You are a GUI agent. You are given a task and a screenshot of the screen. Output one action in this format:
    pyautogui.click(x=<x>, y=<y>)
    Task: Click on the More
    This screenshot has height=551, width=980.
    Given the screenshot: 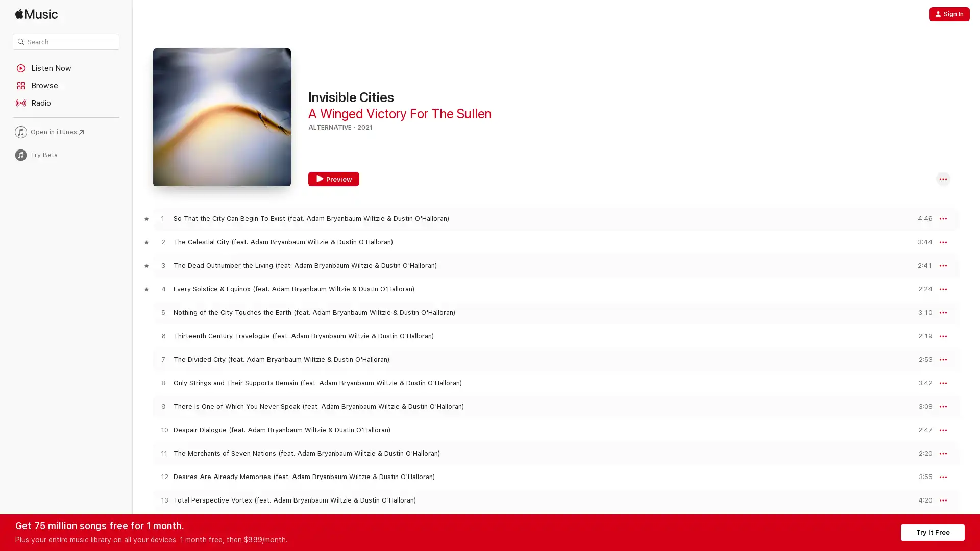 What is the action you would take?
    pyautogui.click(x=943, y=430)
    